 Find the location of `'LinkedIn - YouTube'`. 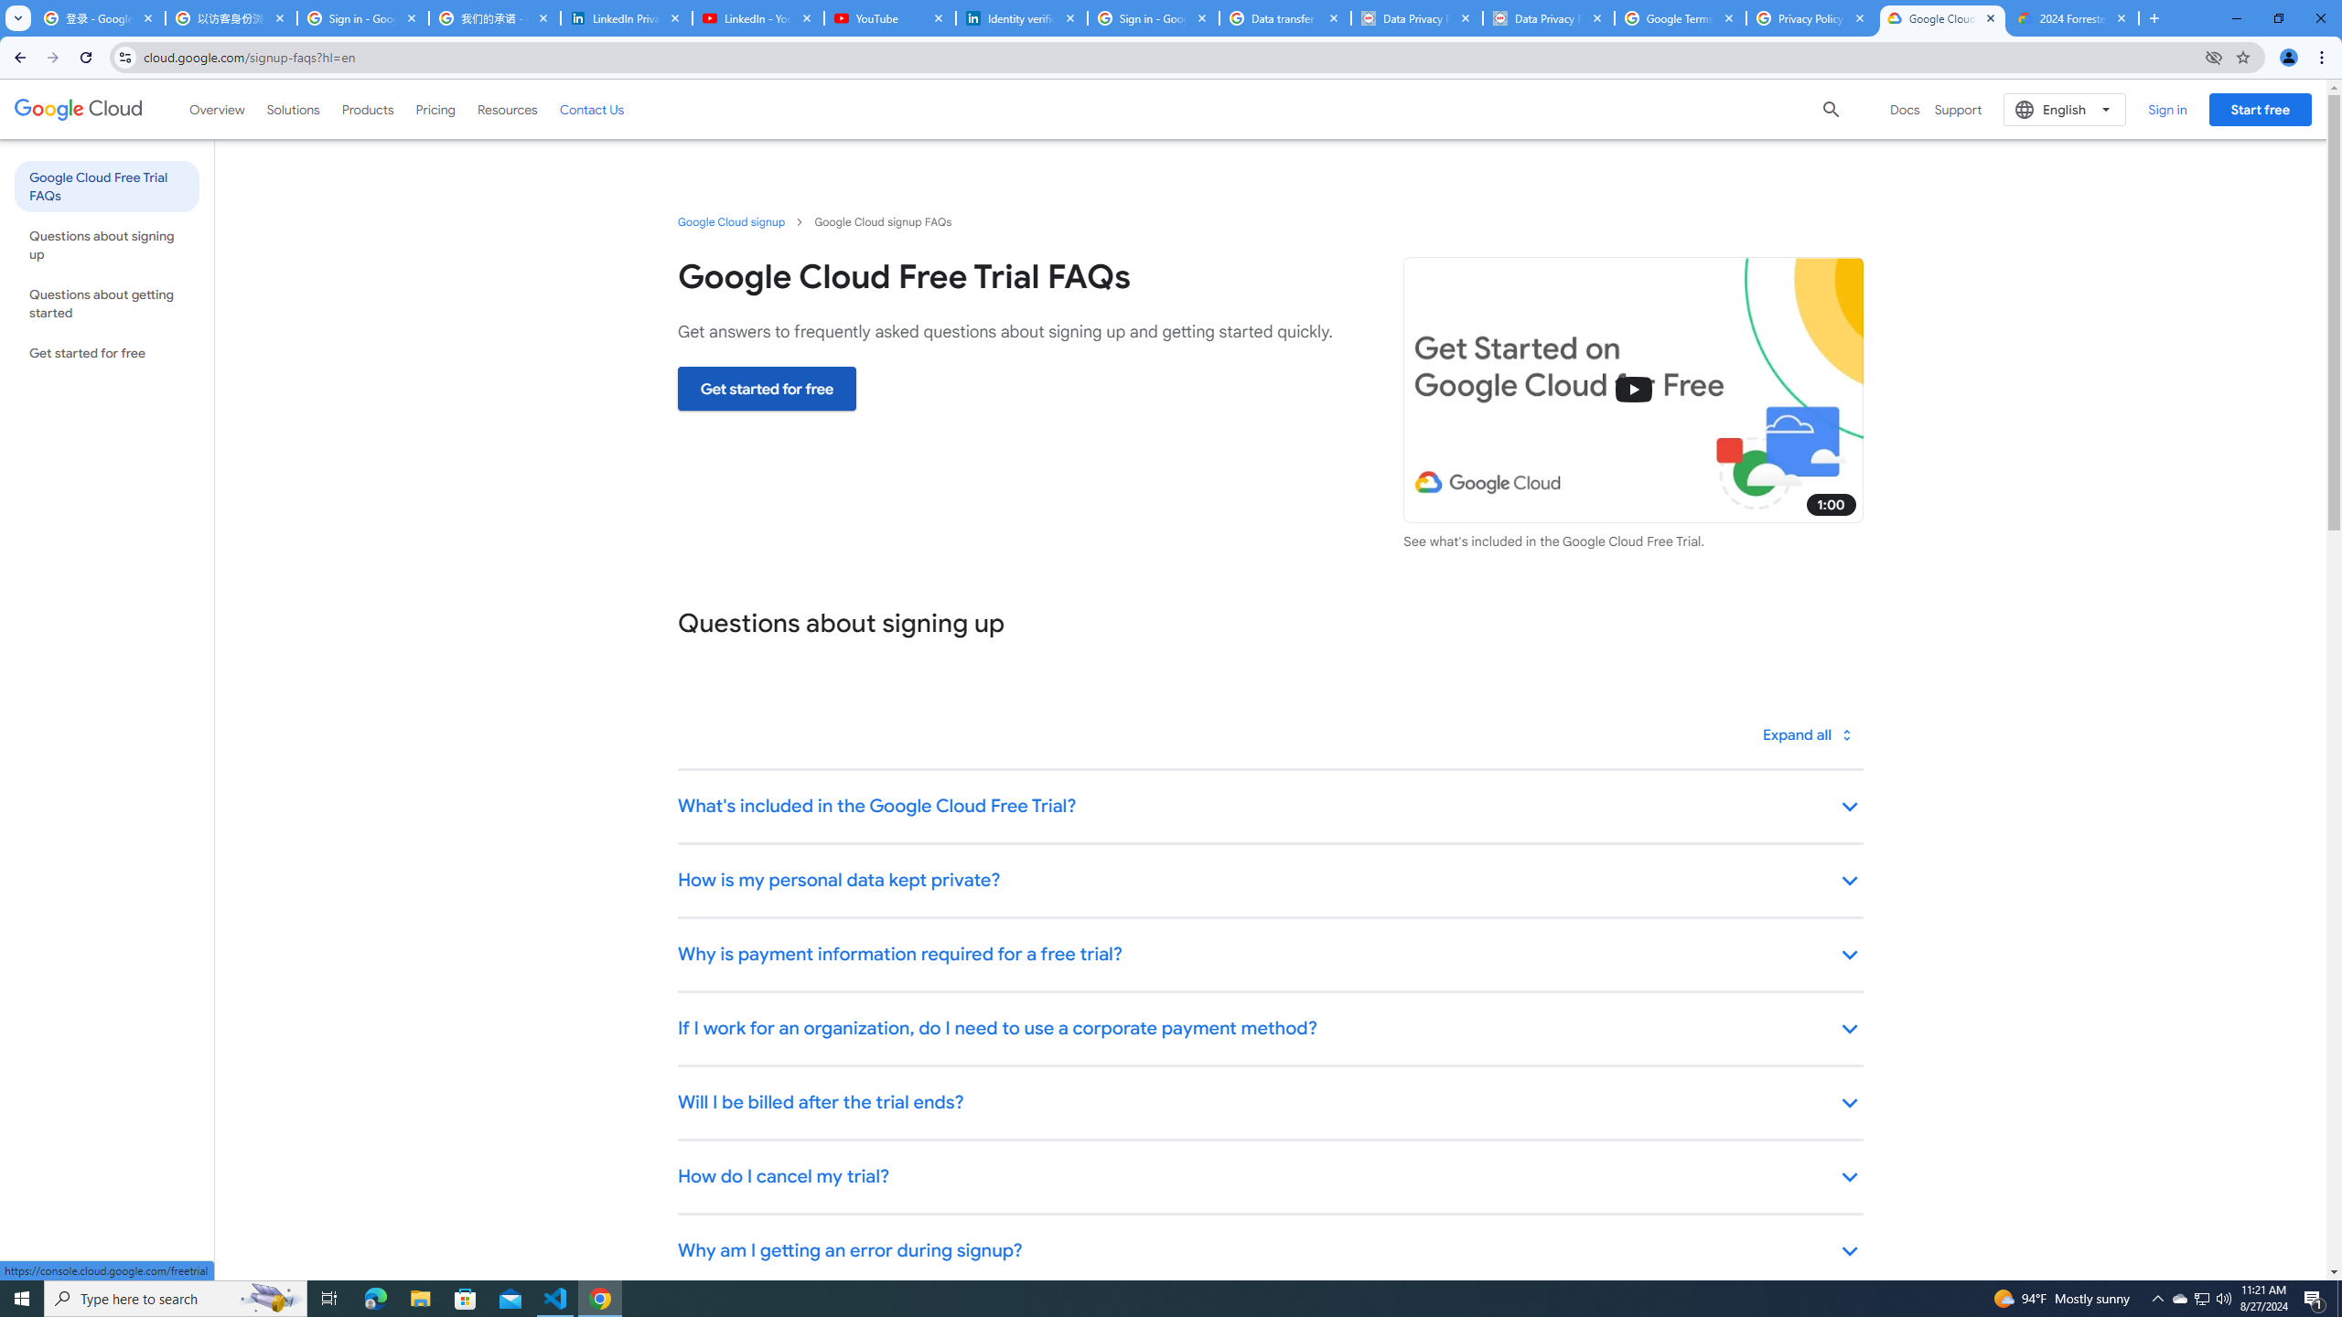

'LinkedIn - YouTube' is located at coordinates (757, 17).